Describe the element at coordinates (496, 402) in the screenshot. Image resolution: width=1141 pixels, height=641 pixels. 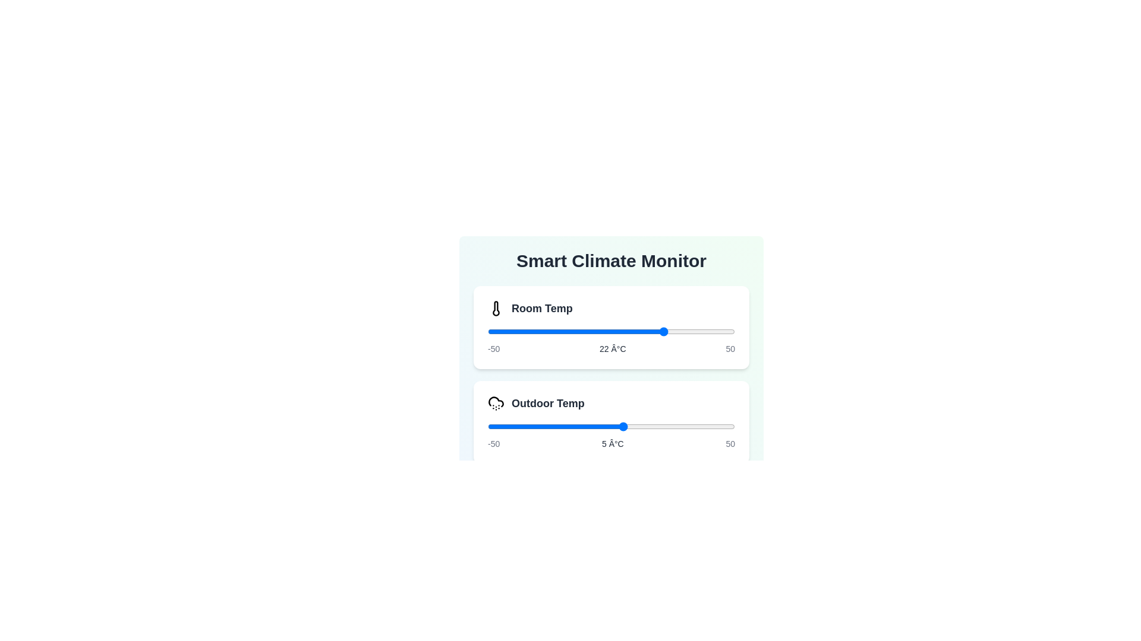
I see `the icon representing Outdoor Temp` at that location.